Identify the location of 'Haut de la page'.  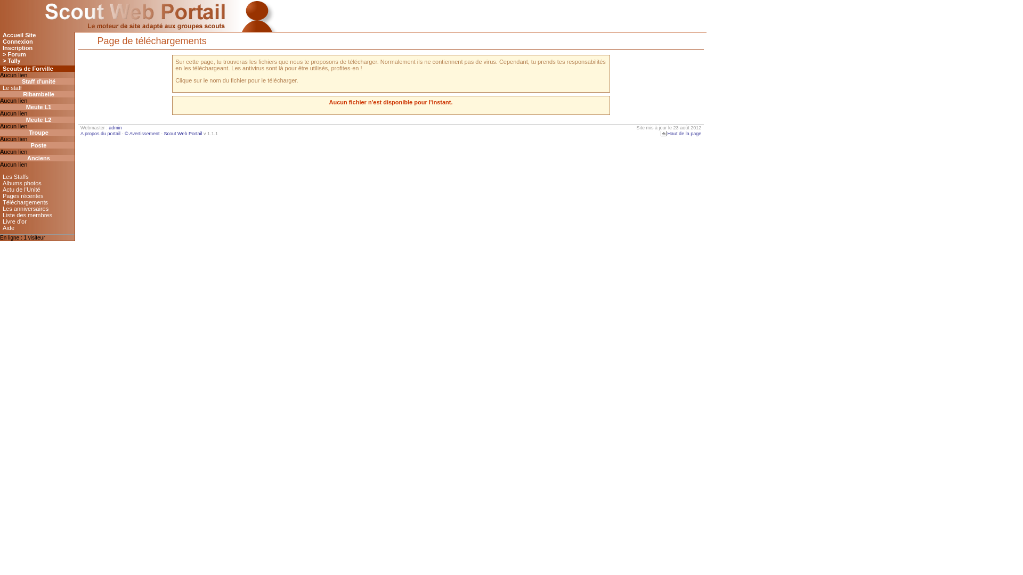
(657, 133).